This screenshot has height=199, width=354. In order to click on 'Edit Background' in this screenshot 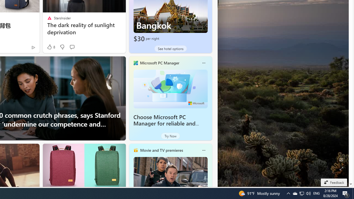, I will do `click(341, 159)`.